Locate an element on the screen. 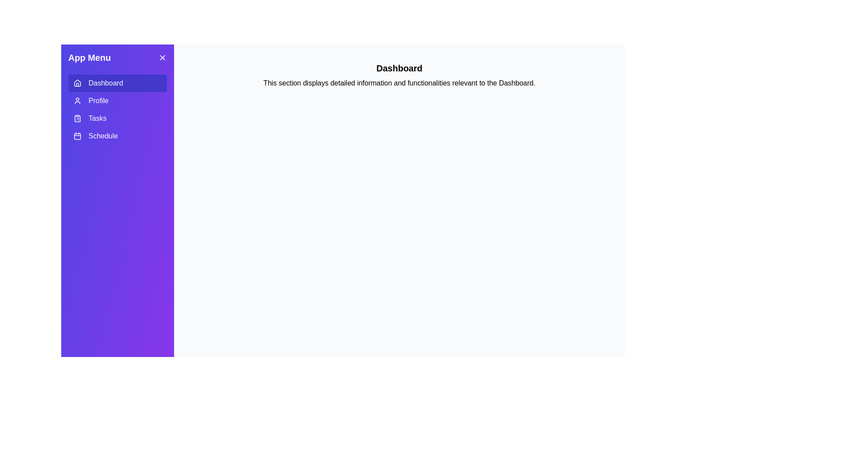 This screenshot has width=846, height=476. the tab labeled Tasks to switch to that tab is located at coordinates (117, 118).